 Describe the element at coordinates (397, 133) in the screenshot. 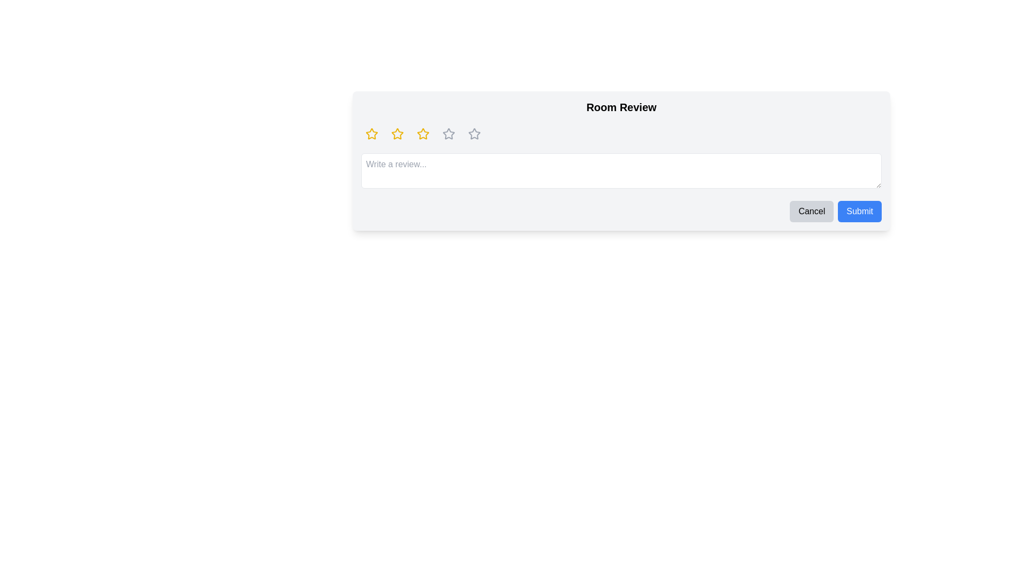

I see `the second star rating icon` at that location.